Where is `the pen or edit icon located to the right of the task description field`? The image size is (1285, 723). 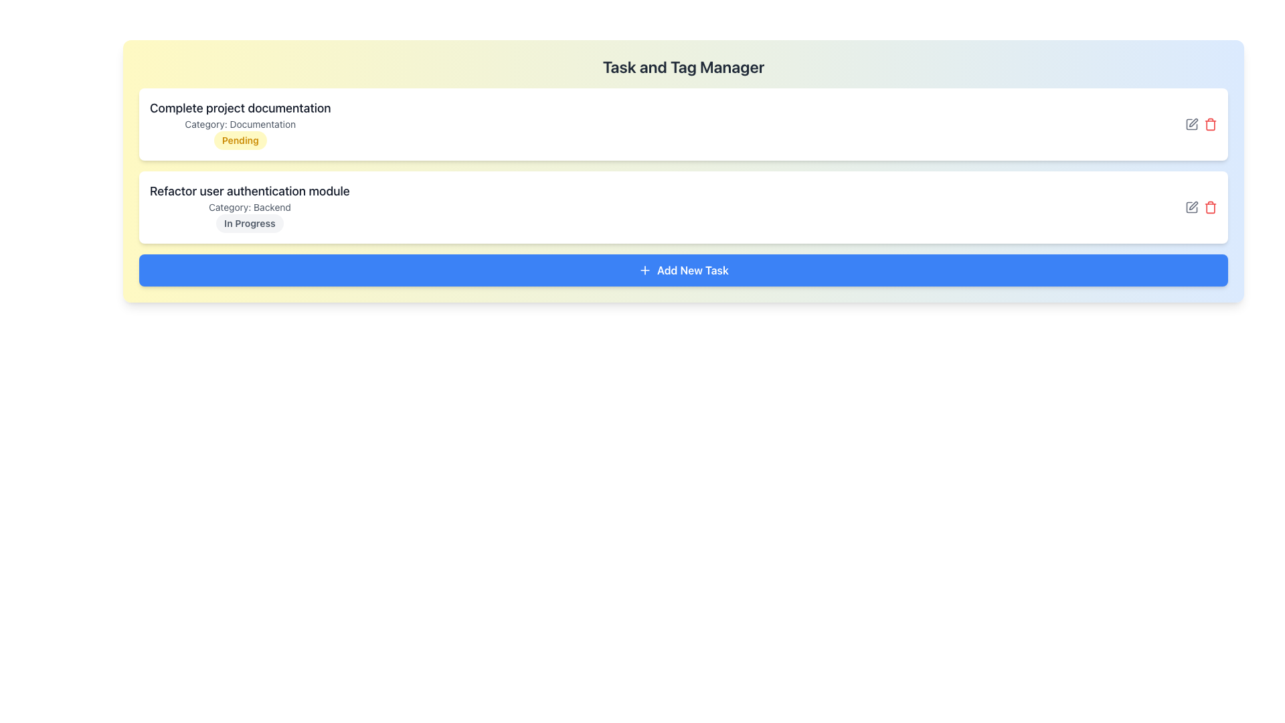
the pen or edit icon located to the right of the task description field is located at coordinates (1193, 123).